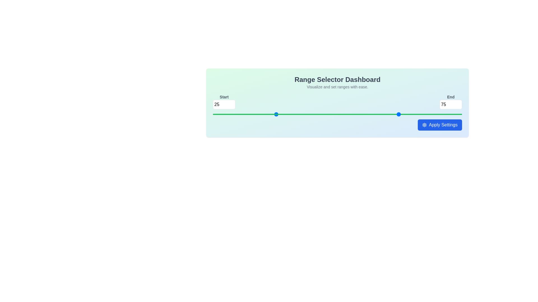  I want to click on the slider, so click(222, 114).